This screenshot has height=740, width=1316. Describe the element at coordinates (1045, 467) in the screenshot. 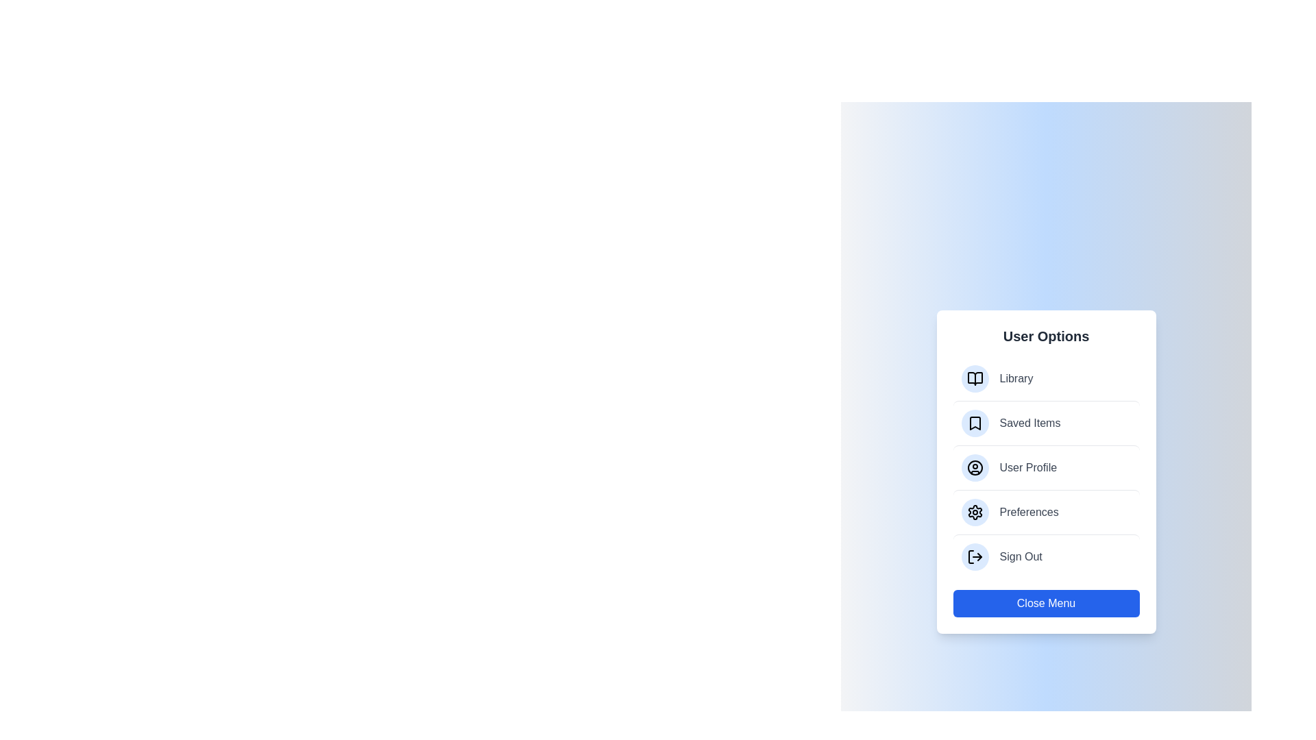

I see `the menu item User Profile from the ModernUserMenu` at that location.